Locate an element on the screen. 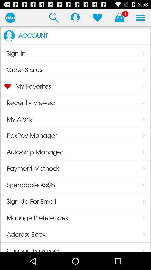 The width and height of the screenshot is (151, 270). shopping cart is located at coordinates (119, 17).